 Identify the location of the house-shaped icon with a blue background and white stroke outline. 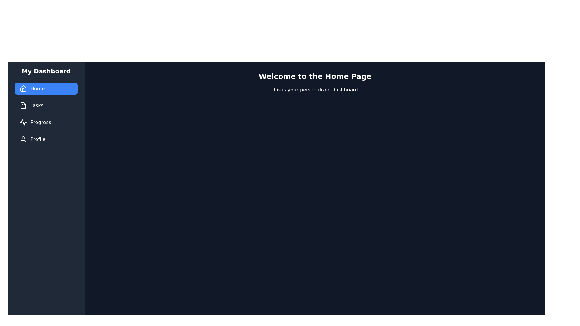
(23, 88).